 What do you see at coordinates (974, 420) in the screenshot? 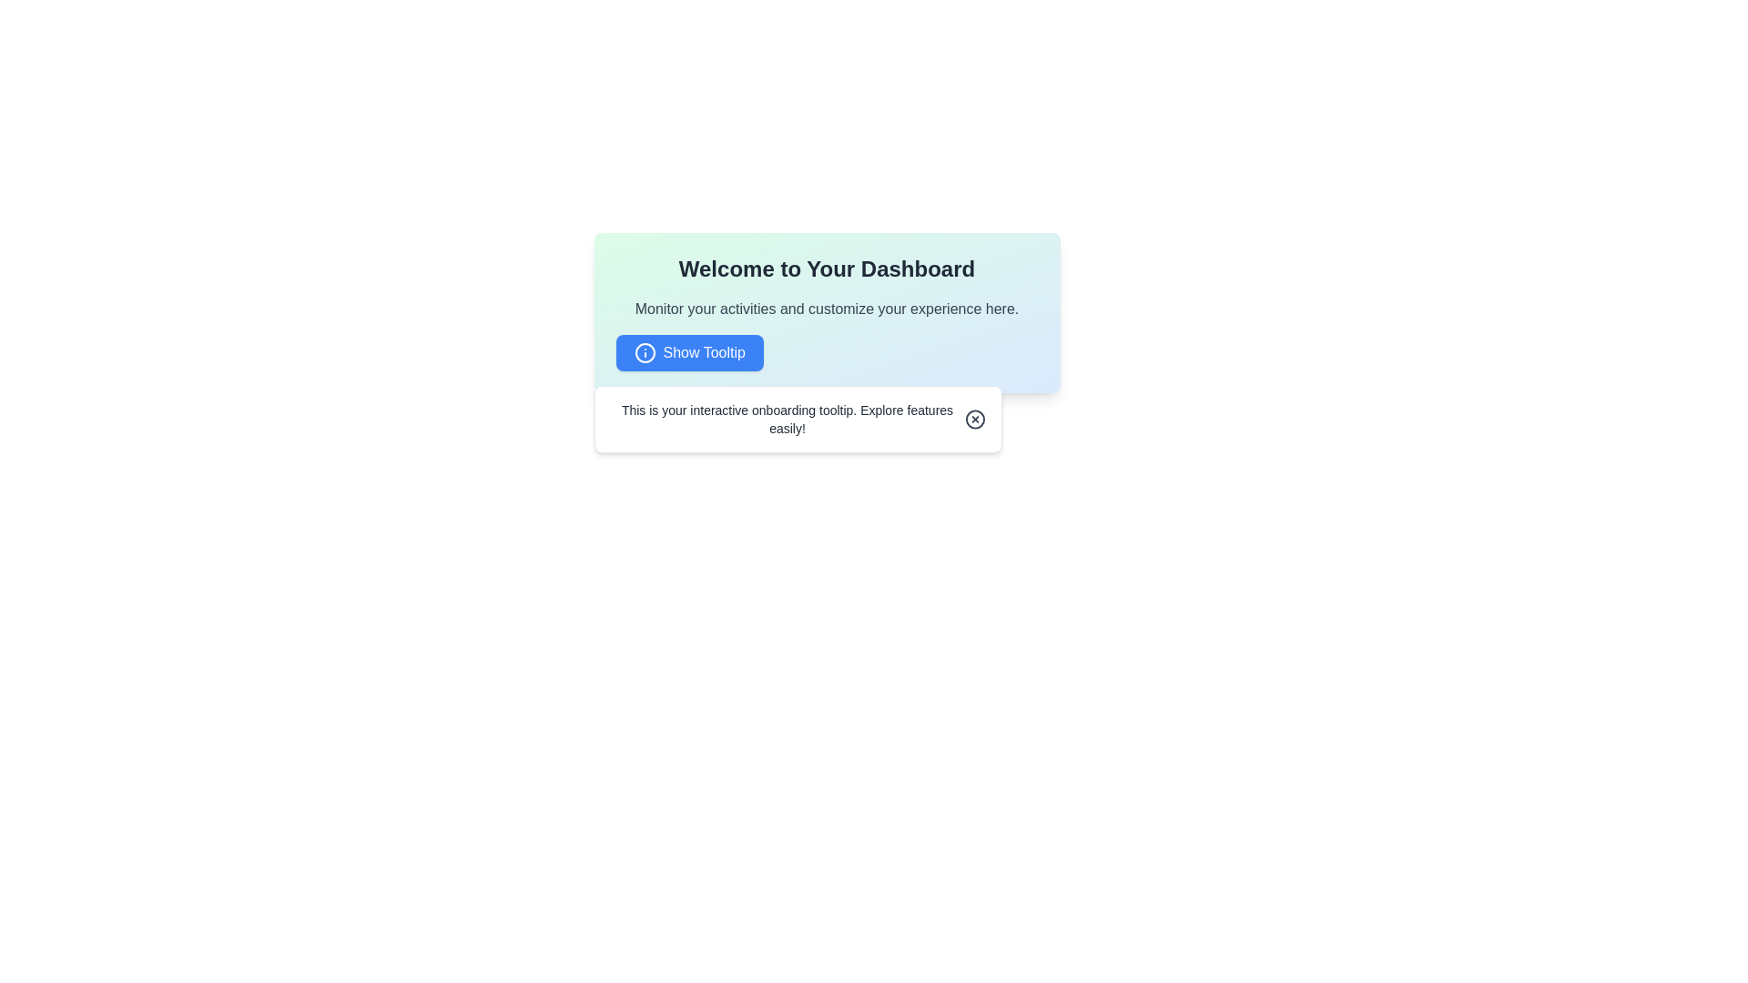
I see `the close button, which is a circular button with a gray outline and an 'X' symbol, located at the far right end of the tooltip box` at bounding box center [974, 420].